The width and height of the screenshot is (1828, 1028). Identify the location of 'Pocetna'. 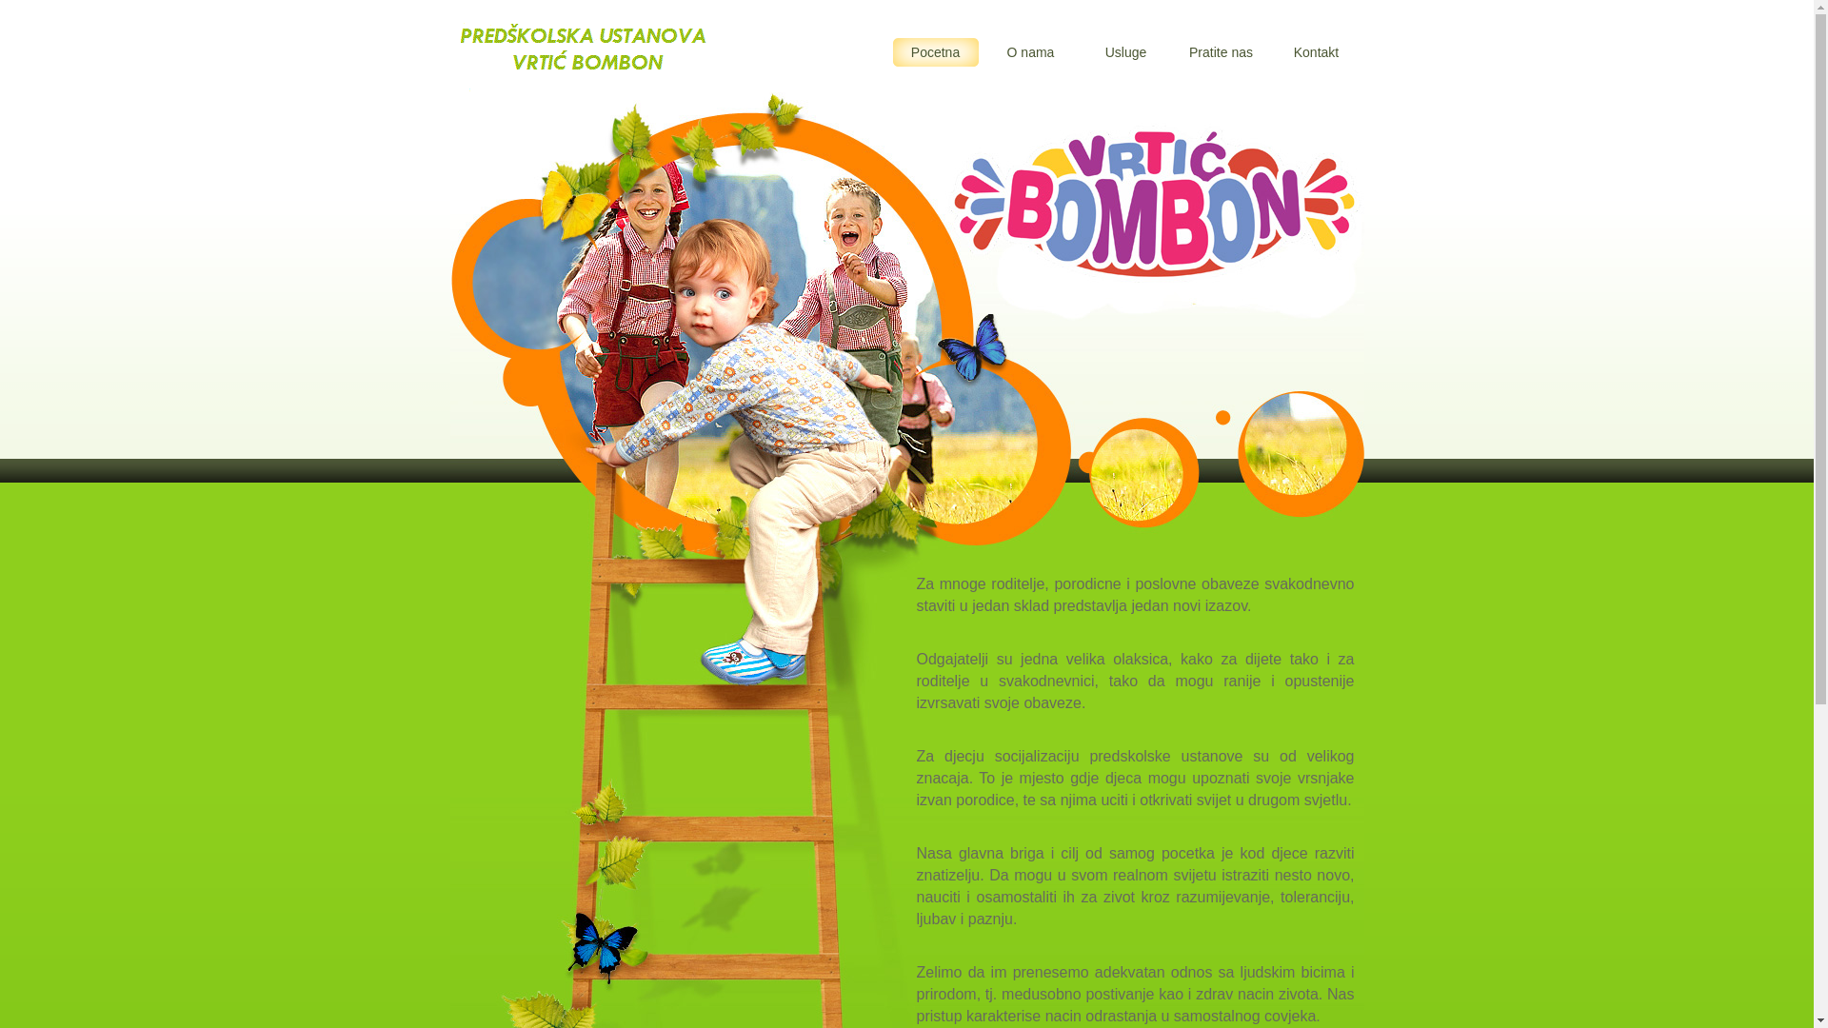
(936, 50).